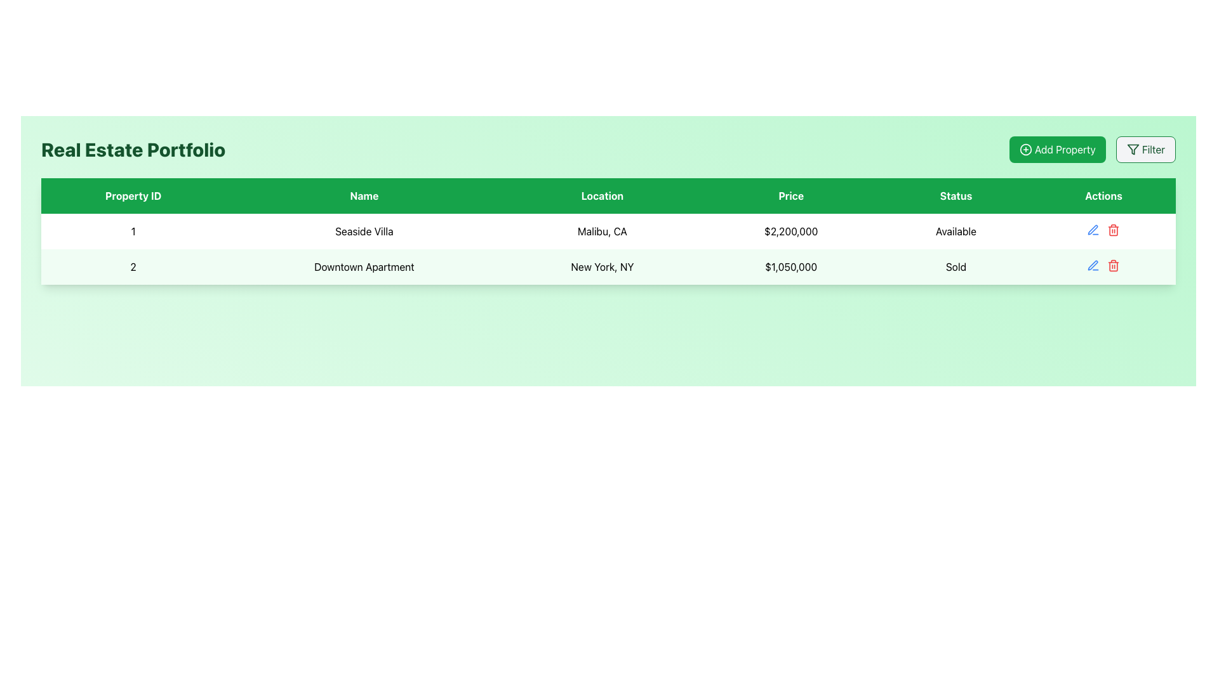 The image size is (1219, 685). I want to click on the edit icon in the 'Actions' column of the second row for the property 'Seaside Villa', so click(1093, 264).